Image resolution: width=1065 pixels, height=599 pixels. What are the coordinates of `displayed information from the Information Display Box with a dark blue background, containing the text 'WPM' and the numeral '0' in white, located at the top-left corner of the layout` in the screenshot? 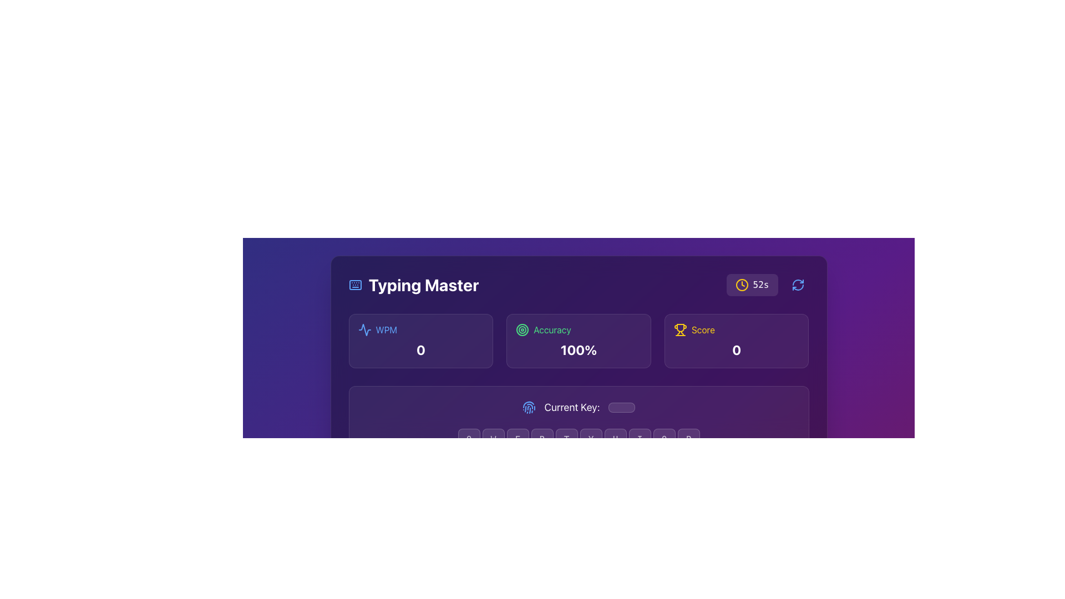 It's located at (420, 340).